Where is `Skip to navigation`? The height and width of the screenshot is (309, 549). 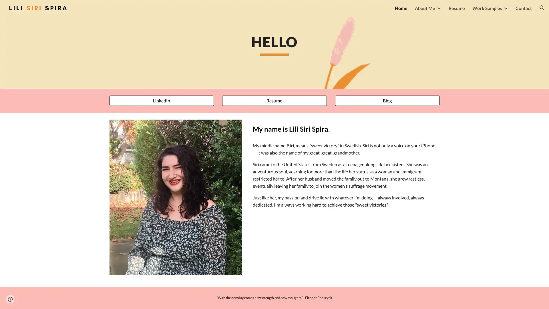
Skip to navigation is located at coordinates (326, 11).